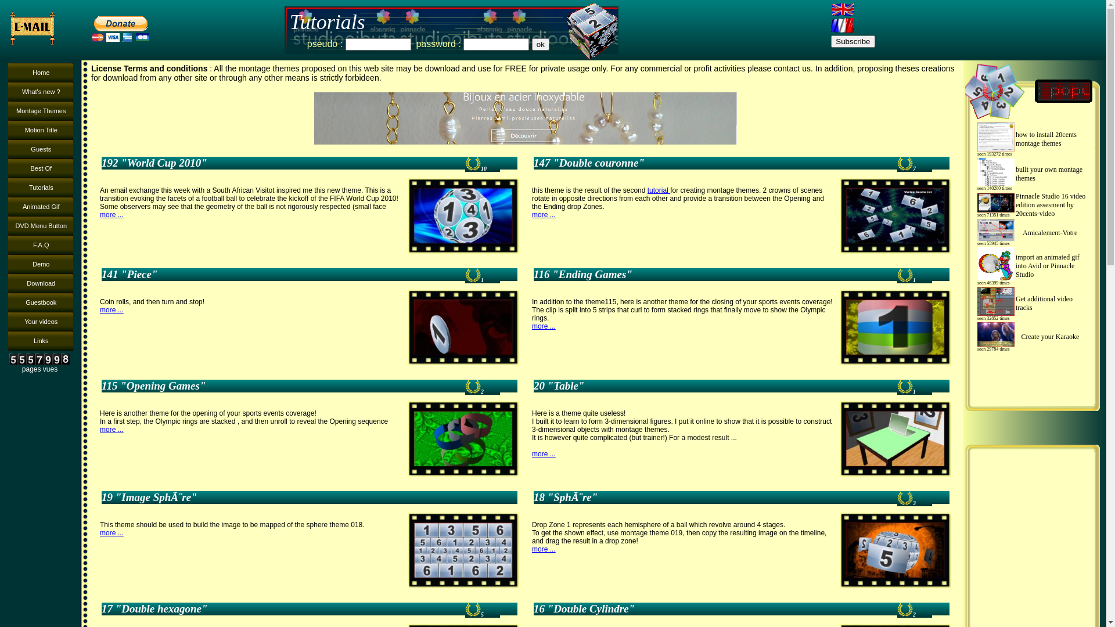  Describe the element at coordinates (8, 322) in the screenshot. I see `'Your videos'` at that location.